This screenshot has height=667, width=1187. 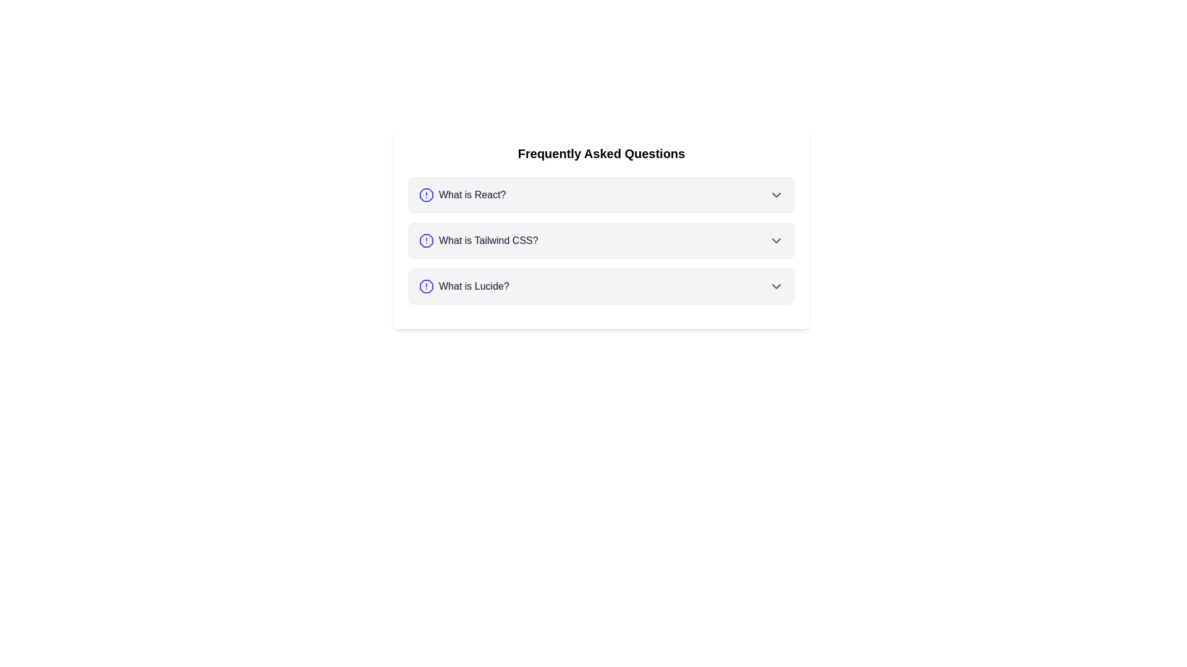 I want to click on the alert icon located at the top left corner of the 'What is React?' question block, so click(x=427, y=195).